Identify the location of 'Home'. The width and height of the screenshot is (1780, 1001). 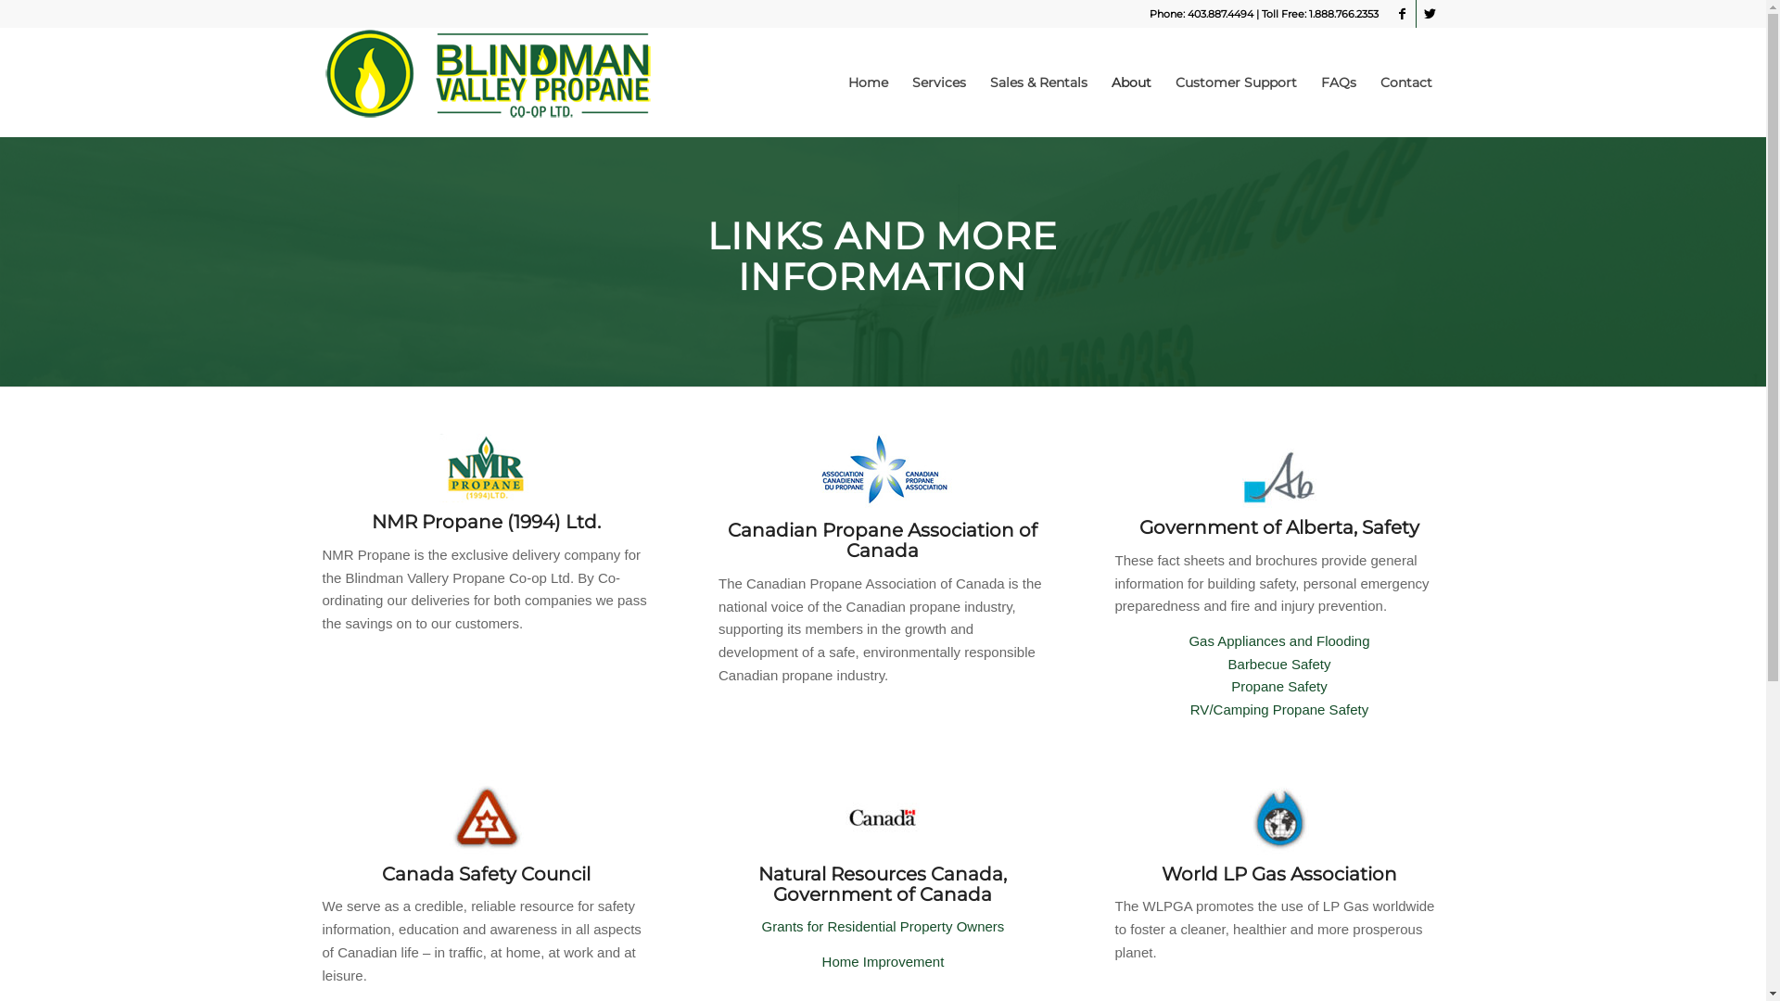
(867, 81).